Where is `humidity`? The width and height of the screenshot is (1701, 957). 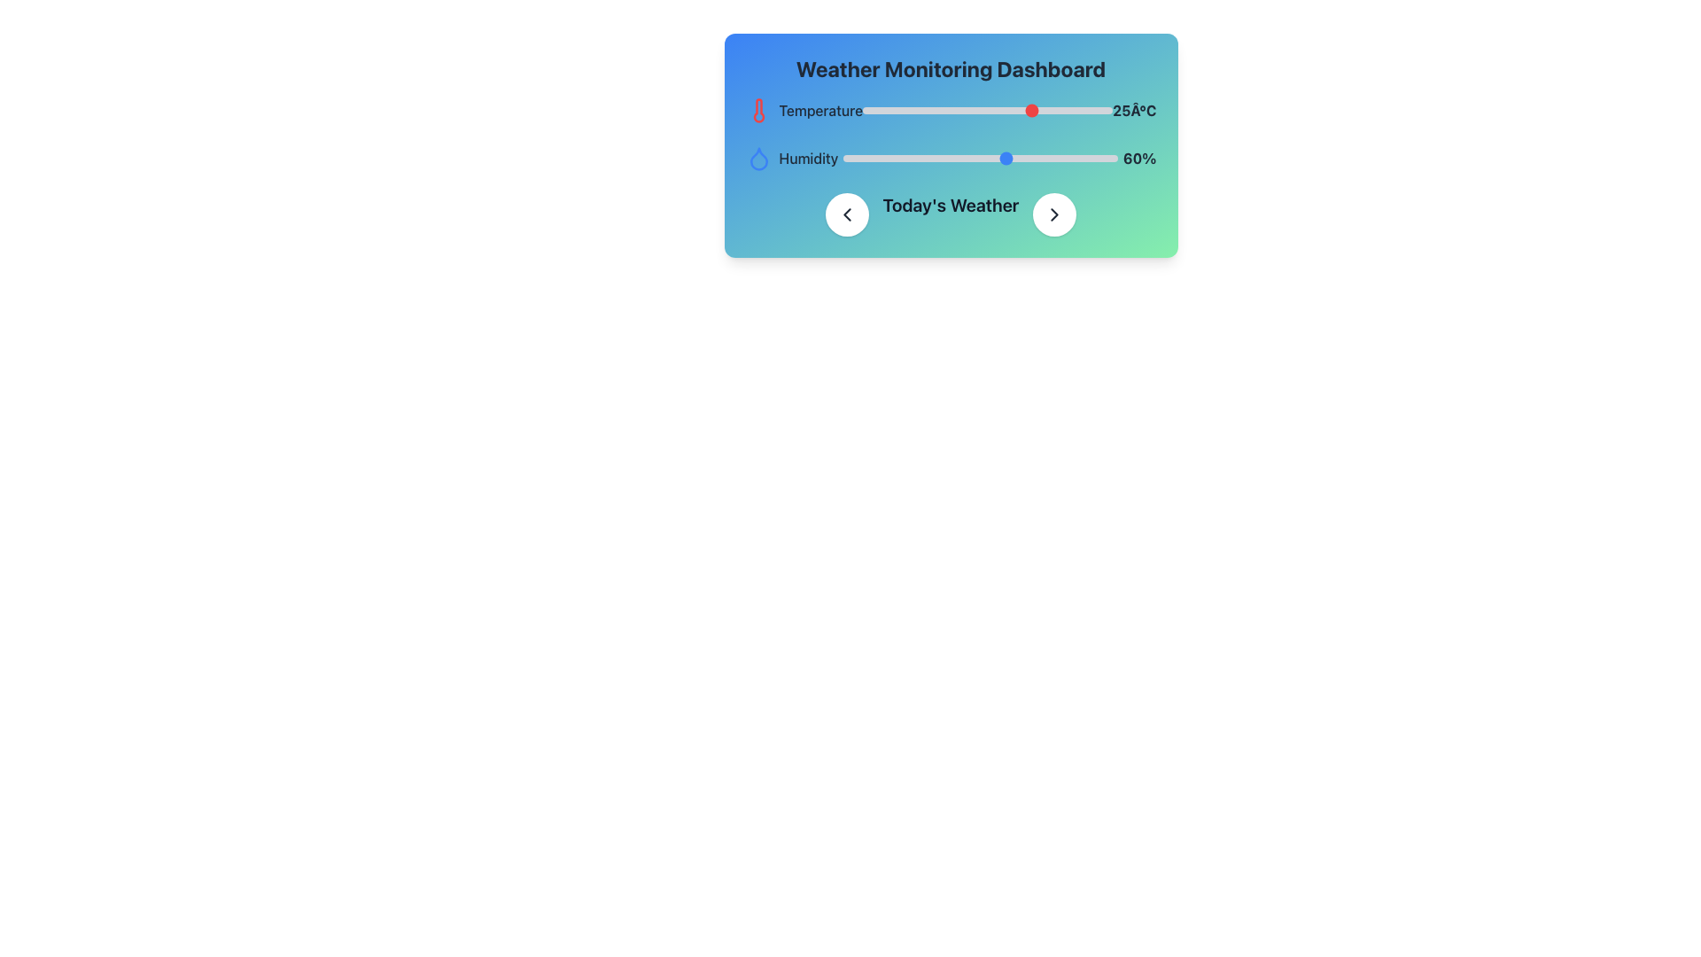 humidity is located at coordinates (960, 157).